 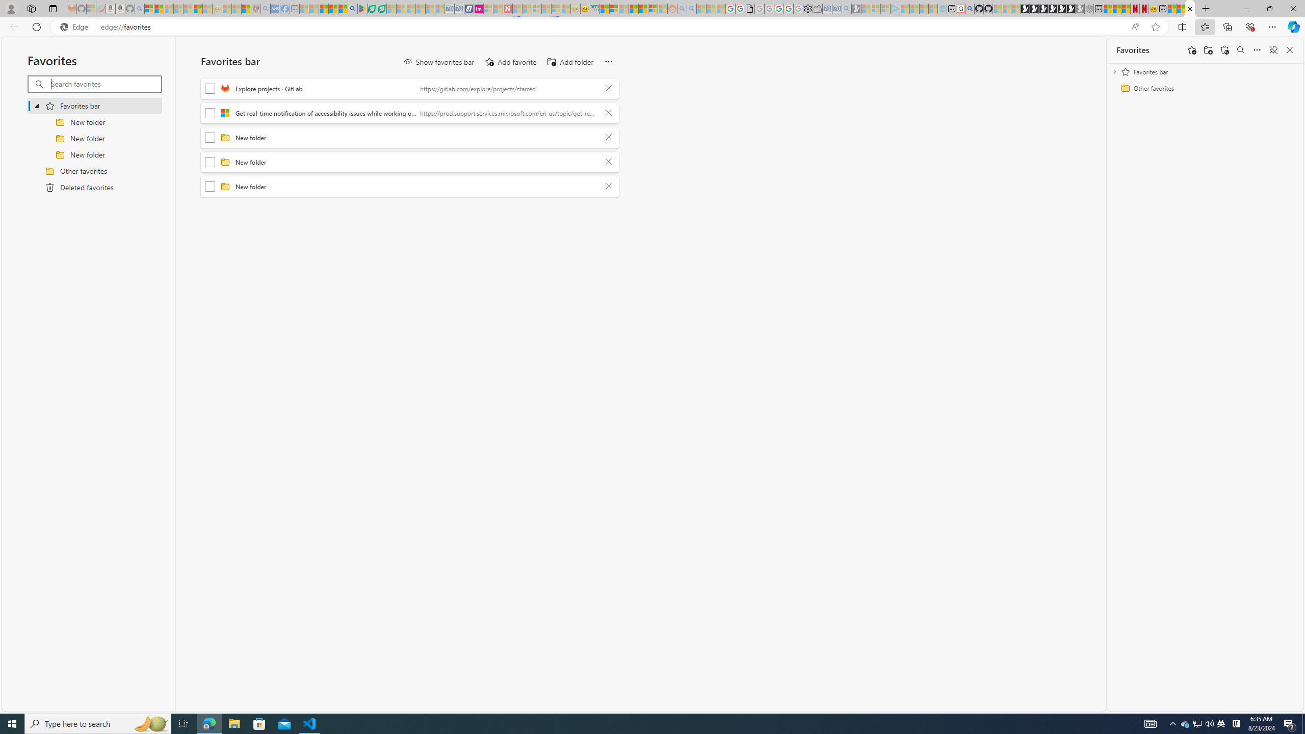 What do you see at coordinates (1189, 8) in the screenshot?
I see `'Close tab'` at bounding box center [1189, 8].